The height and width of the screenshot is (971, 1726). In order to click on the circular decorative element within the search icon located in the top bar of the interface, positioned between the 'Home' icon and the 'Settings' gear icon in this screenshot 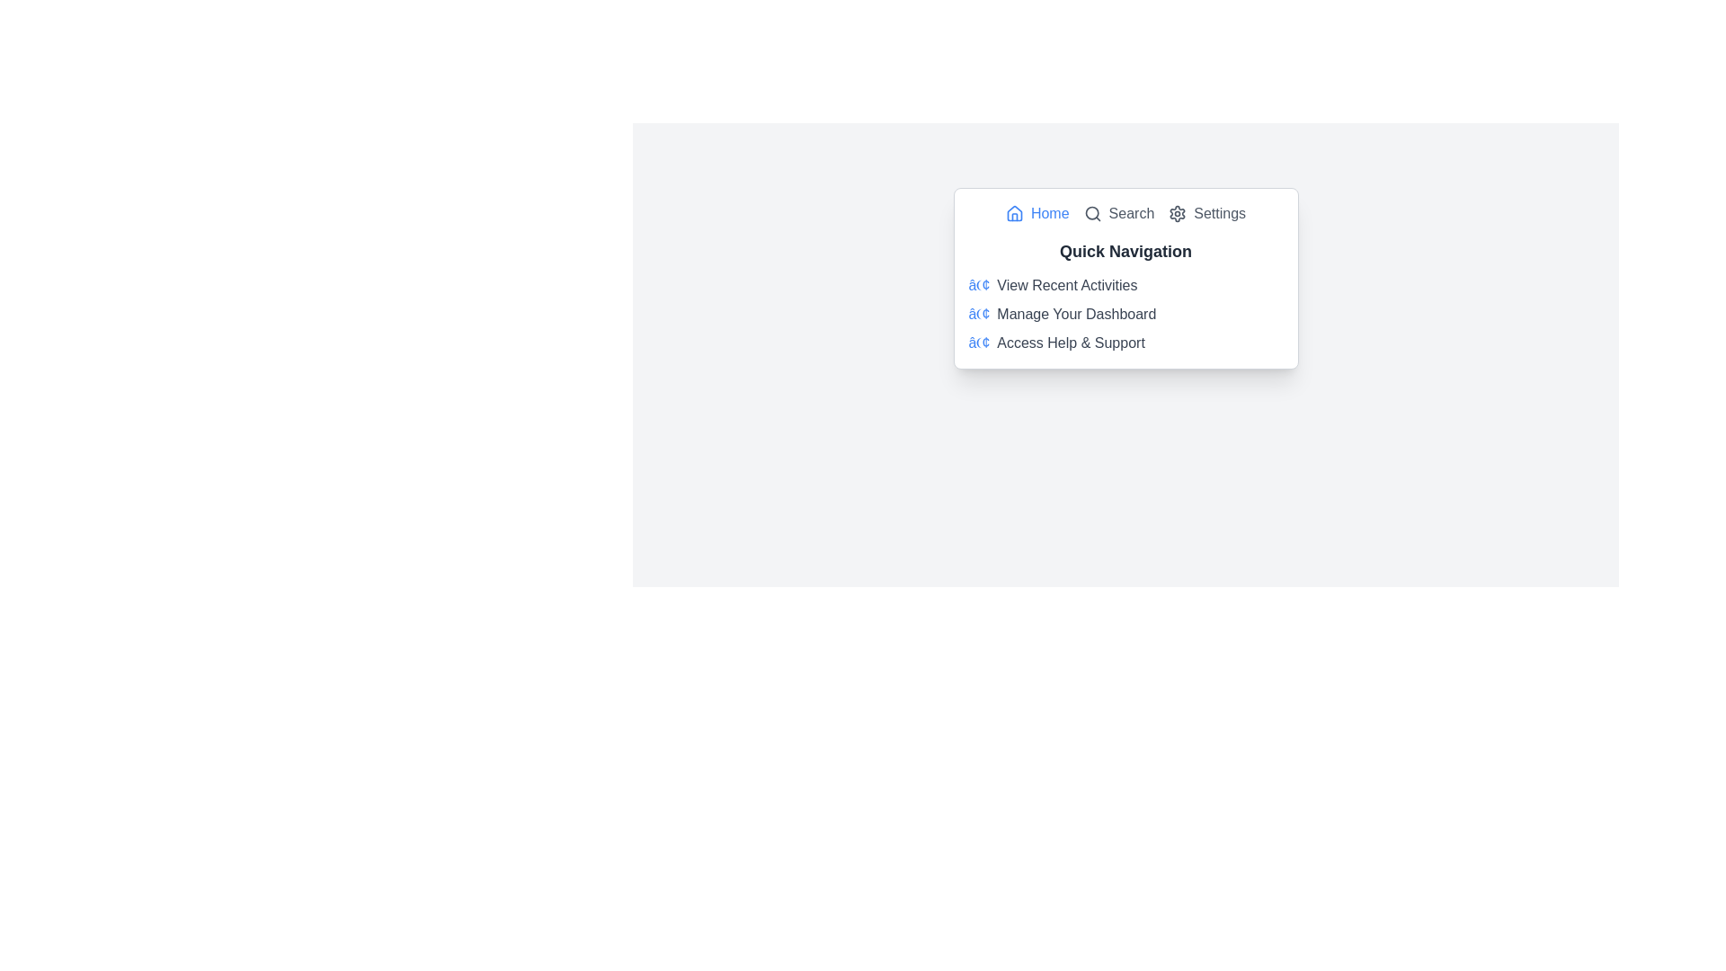, I will do `click(1090, 212)`.